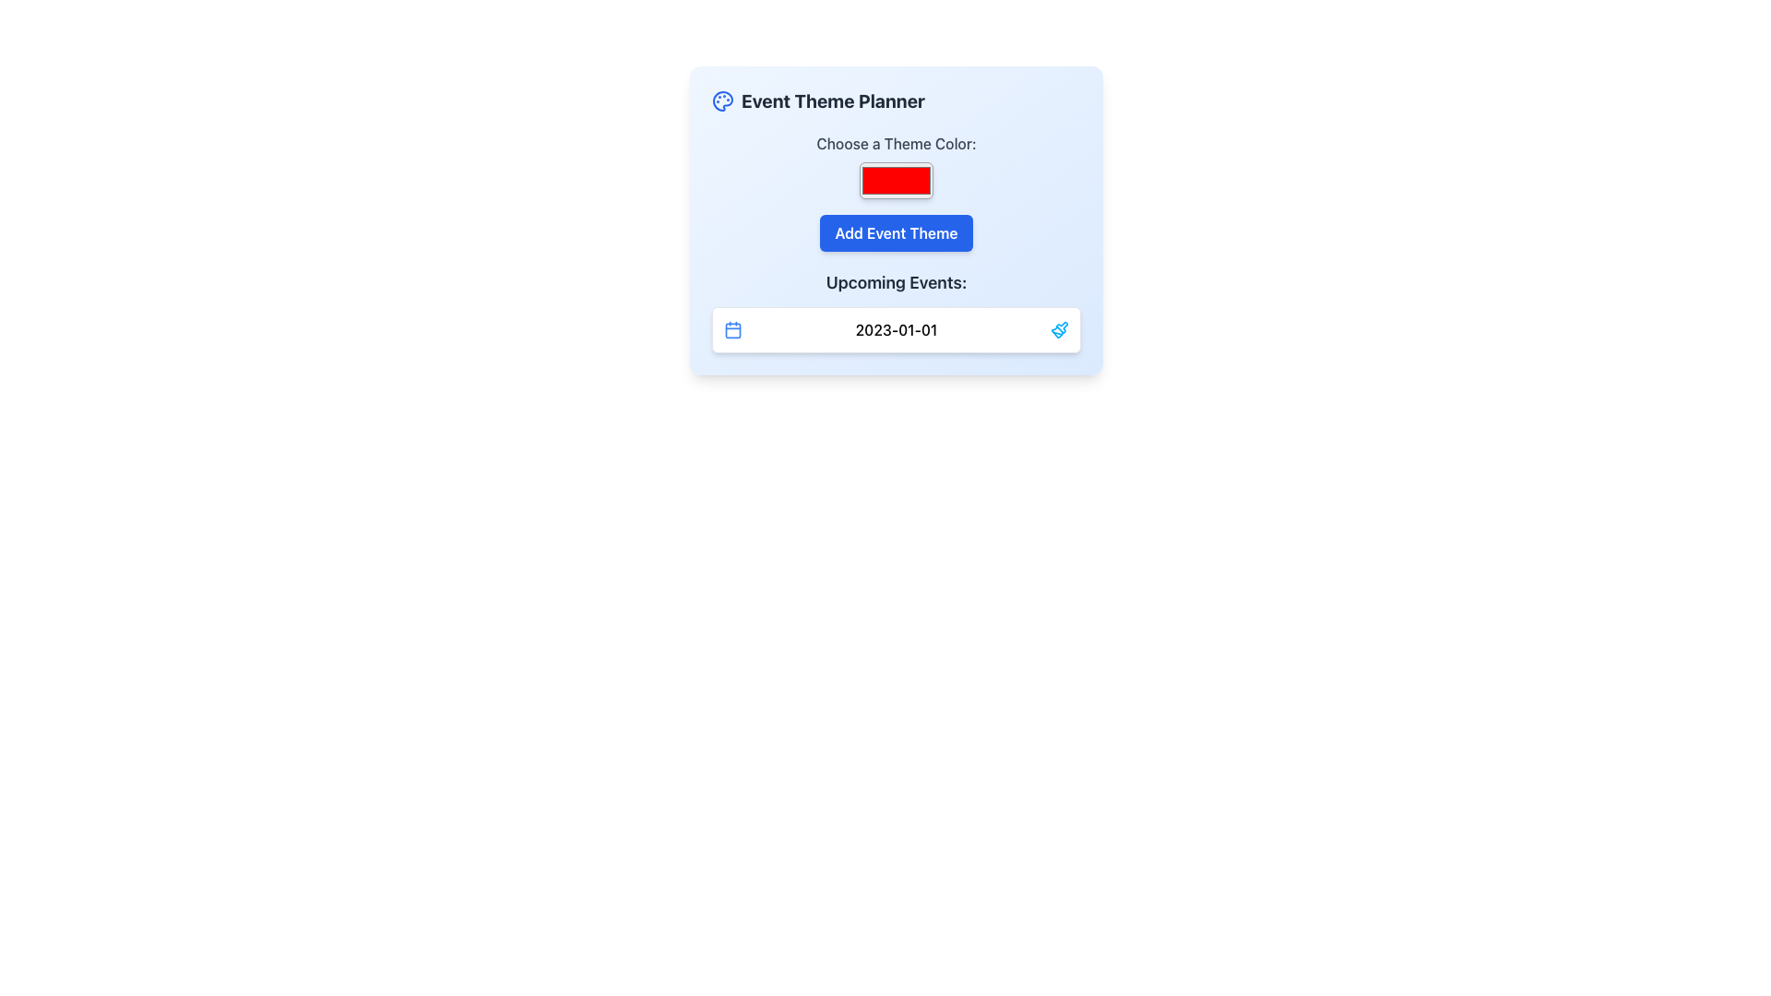  Describe the element at coordinates (721, 101) in the screenshot. I see `the palette icon with a blue outline and colored circles, located in the header section labeled 'Event Theme Planner.'` at that location.